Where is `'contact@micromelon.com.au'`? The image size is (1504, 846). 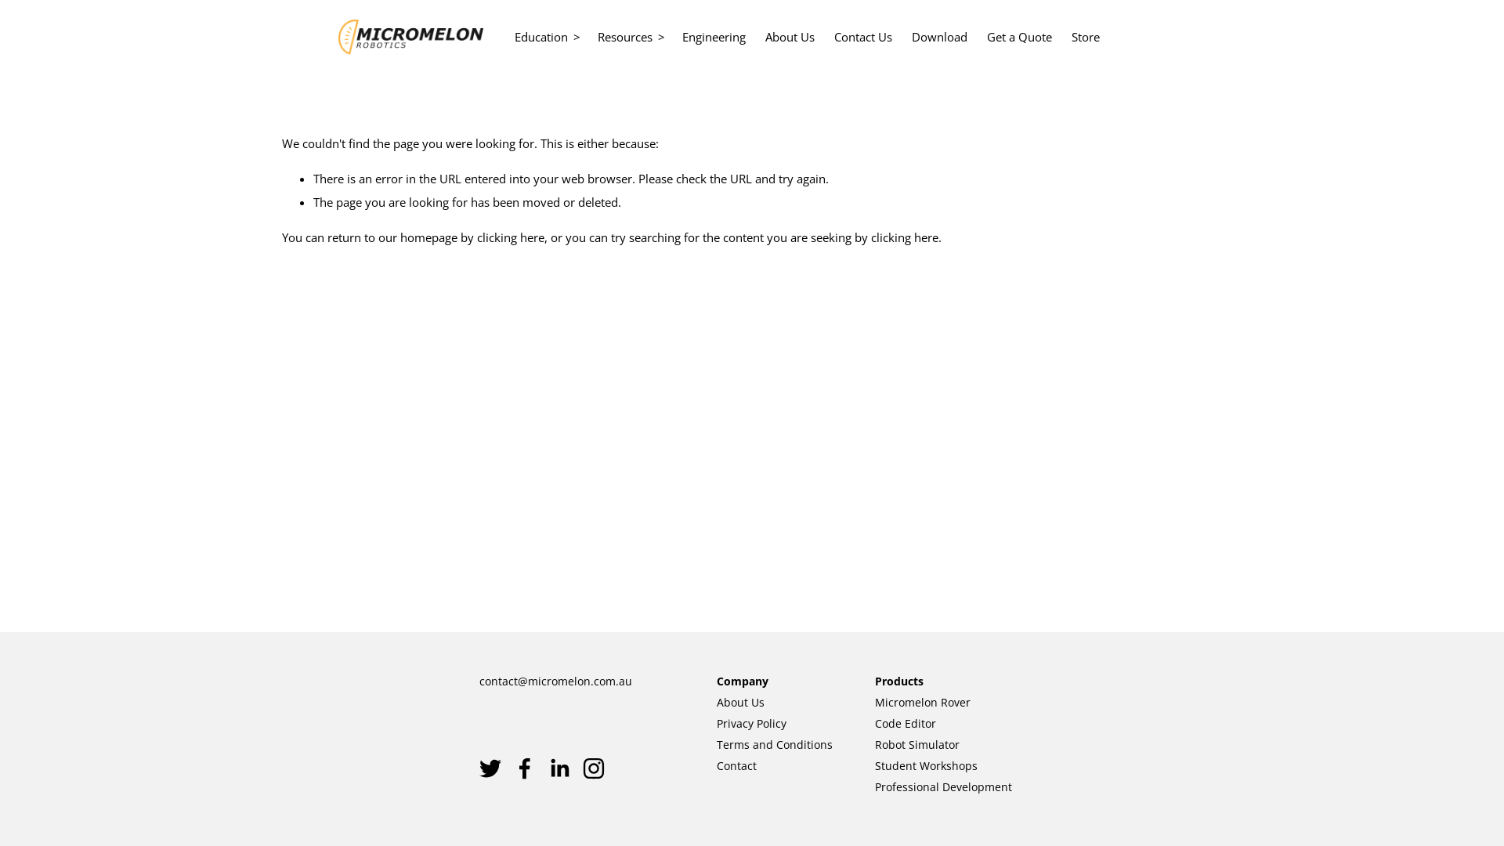
'contact@micromelon.com.au' is located at coordinates (555, 681).